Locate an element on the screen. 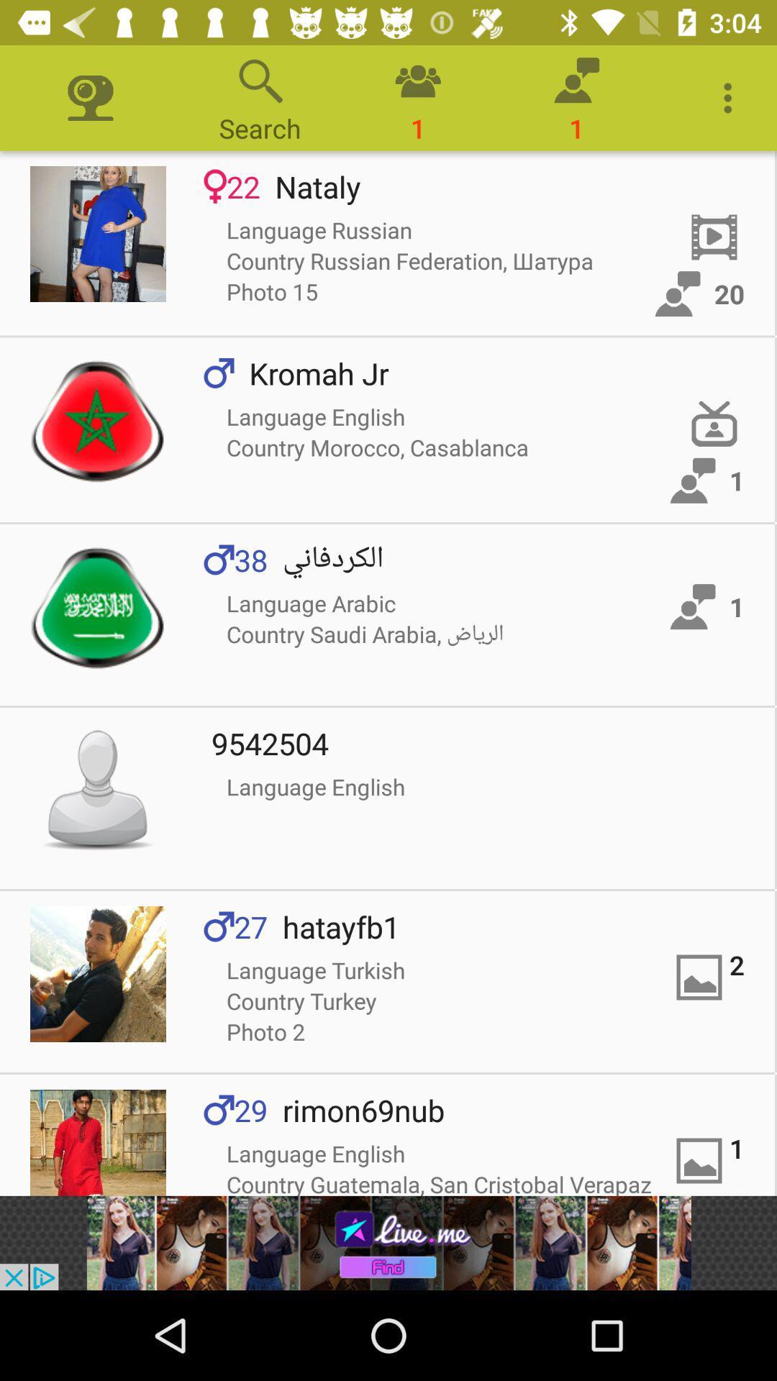 The height and width of the screenshot is (1381, 777). profile is located at coordinates (97, 1141).